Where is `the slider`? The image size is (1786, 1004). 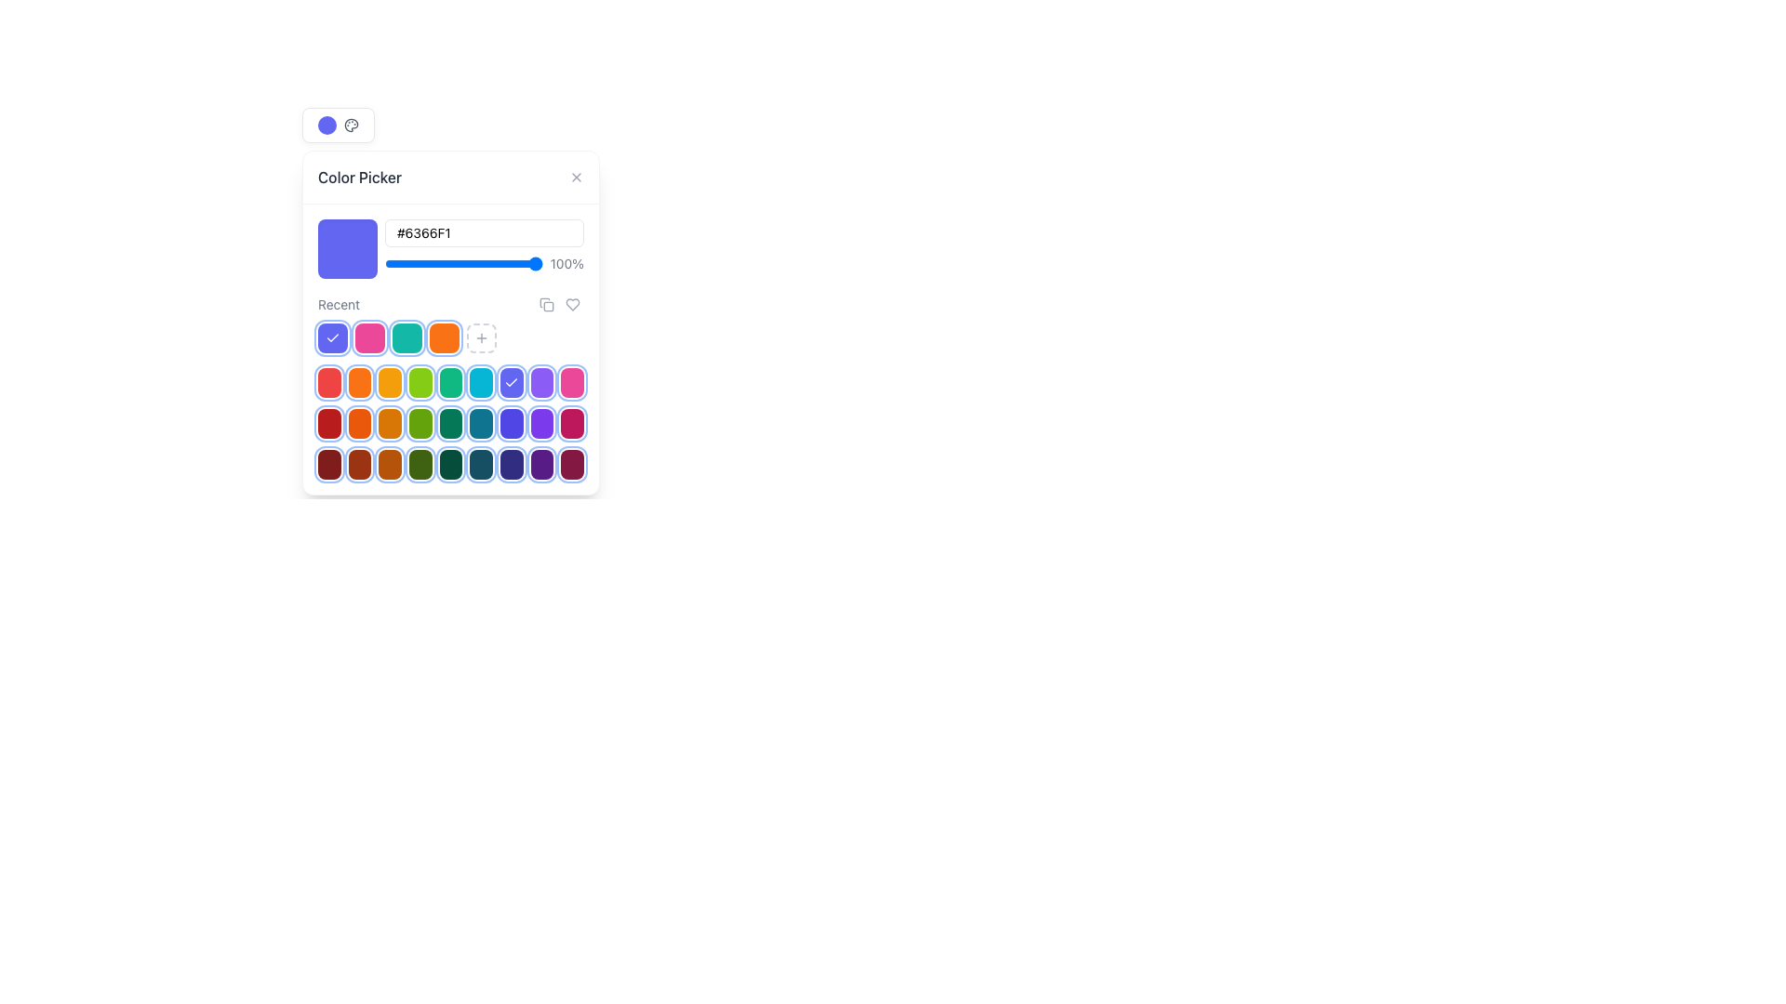 the slider is located at coordinates (421, 264).